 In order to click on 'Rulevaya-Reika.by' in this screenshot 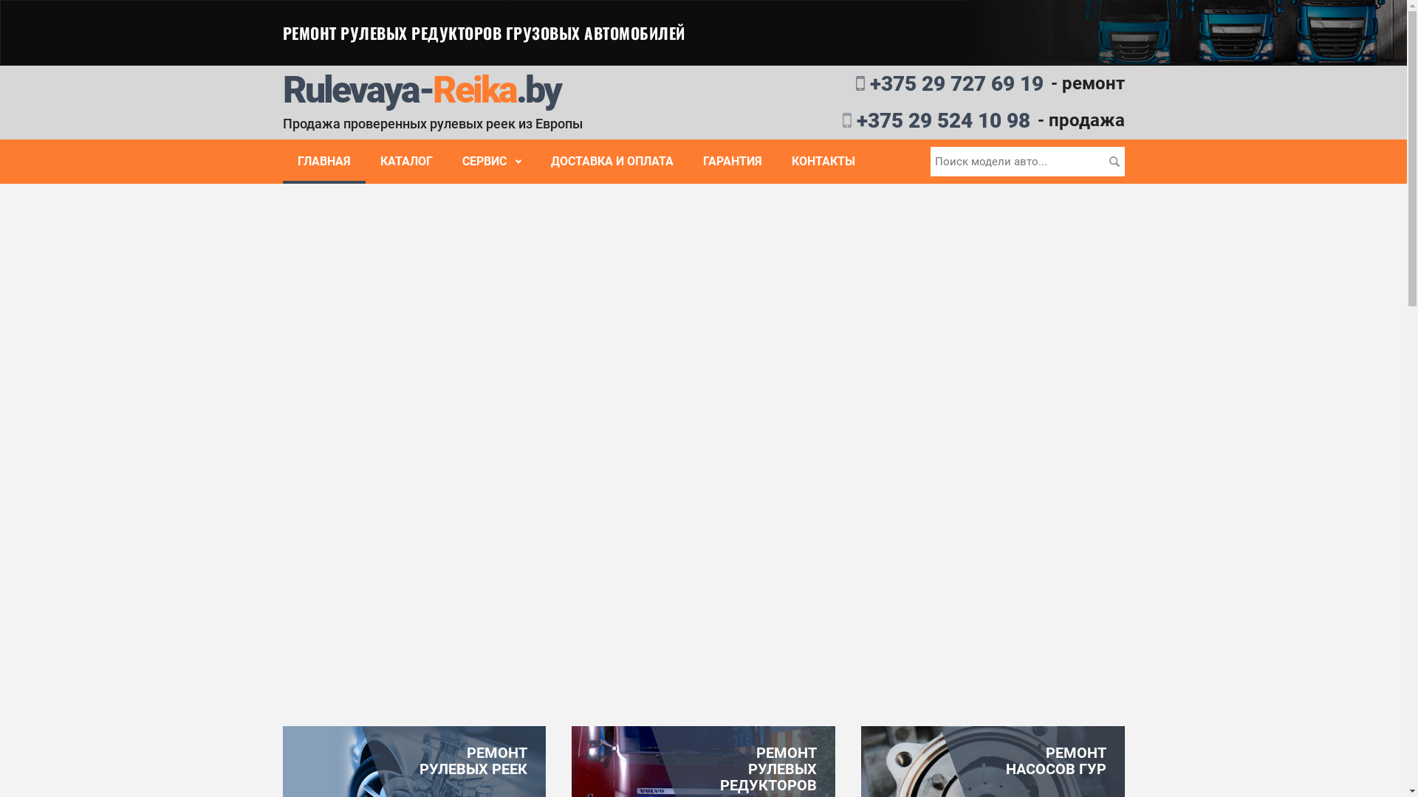, I will do `click(420, 90)`.